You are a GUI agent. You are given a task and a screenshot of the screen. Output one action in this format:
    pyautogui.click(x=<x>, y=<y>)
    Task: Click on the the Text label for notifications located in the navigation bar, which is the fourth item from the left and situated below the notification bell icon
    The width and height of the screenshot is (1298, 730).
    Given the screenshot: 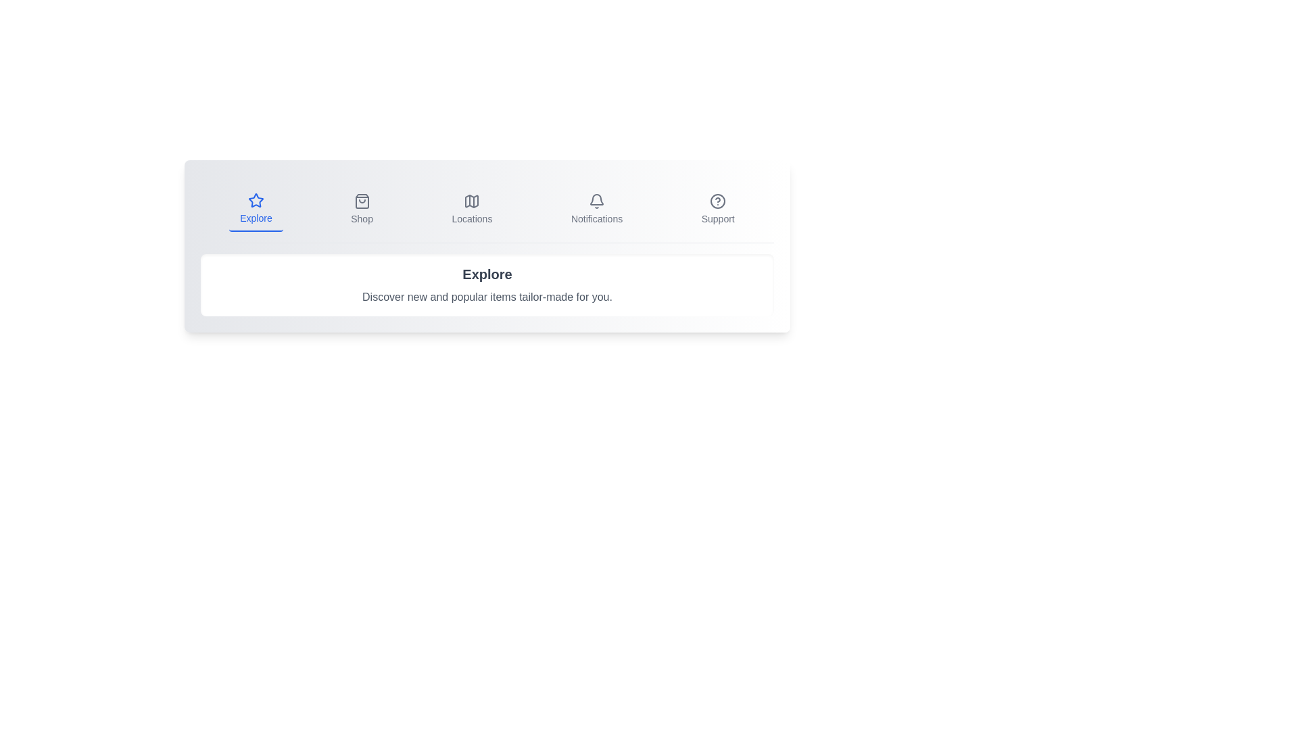 What is the action you would take?
    pyautogui.click(x=596, y=218)
    